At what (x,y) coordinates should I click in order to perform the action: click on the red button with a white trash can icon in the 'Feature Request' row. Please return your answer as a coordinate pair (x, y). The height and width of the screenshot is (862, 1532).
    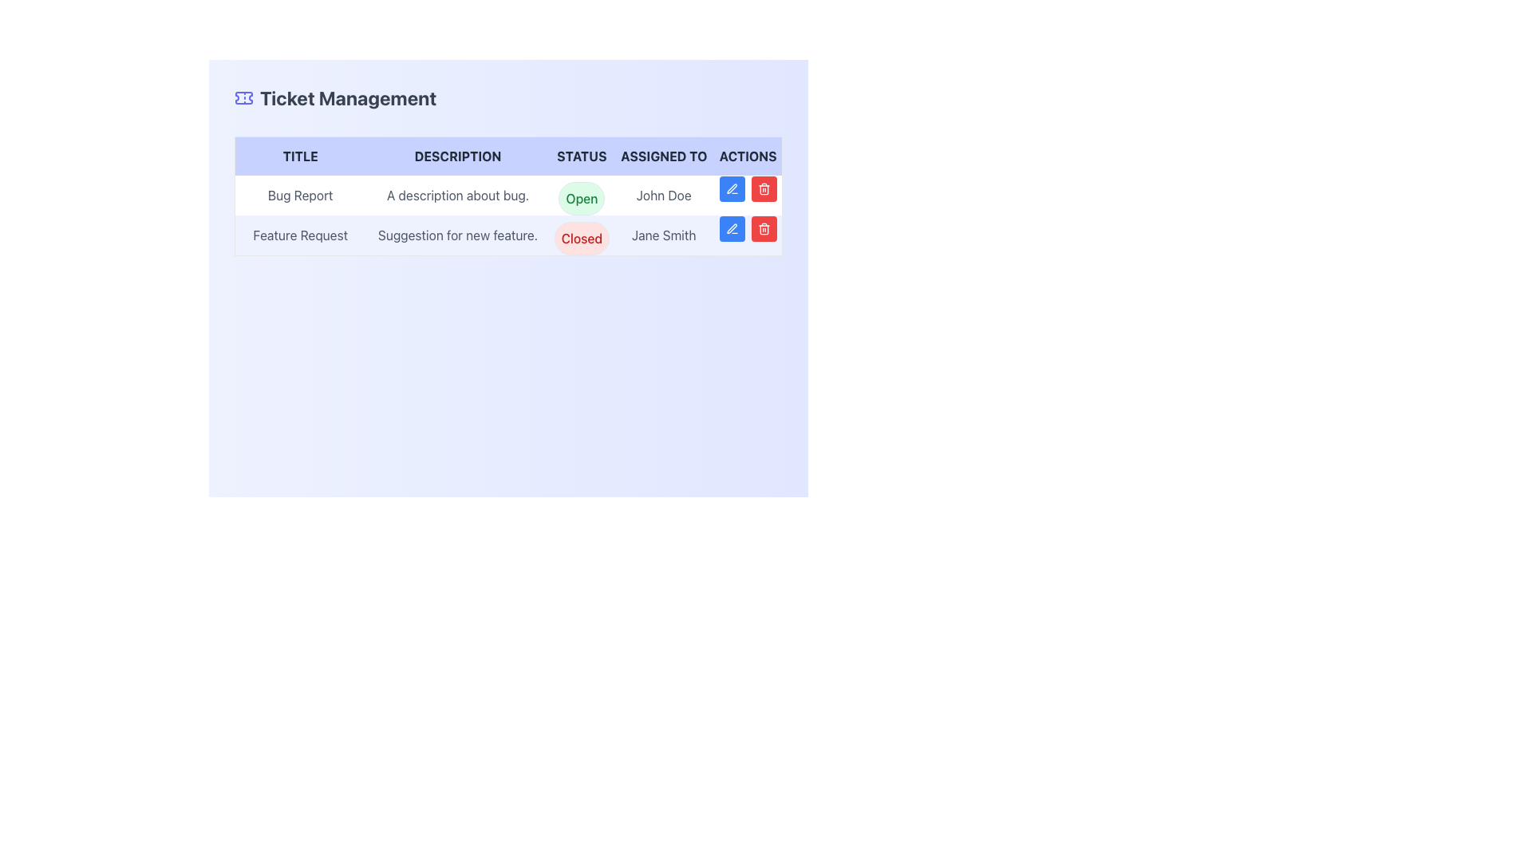
    Looking at the image, I should click on (763, 228).